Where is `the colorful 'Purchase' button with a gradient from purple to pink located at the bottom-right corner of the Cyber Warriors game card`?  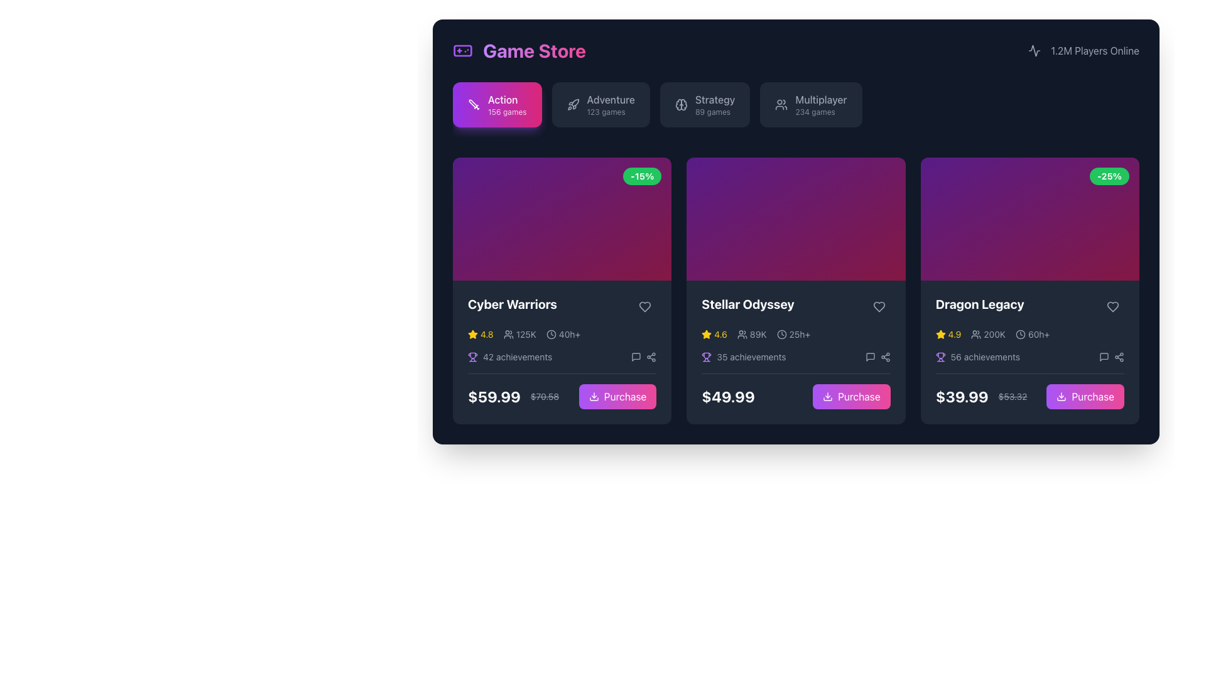 the colorful 'Purchase' button with a gradient from purple to pink located at the bottom-right corner of the Cyber Warriors game card is located at coordinates (617, 396).